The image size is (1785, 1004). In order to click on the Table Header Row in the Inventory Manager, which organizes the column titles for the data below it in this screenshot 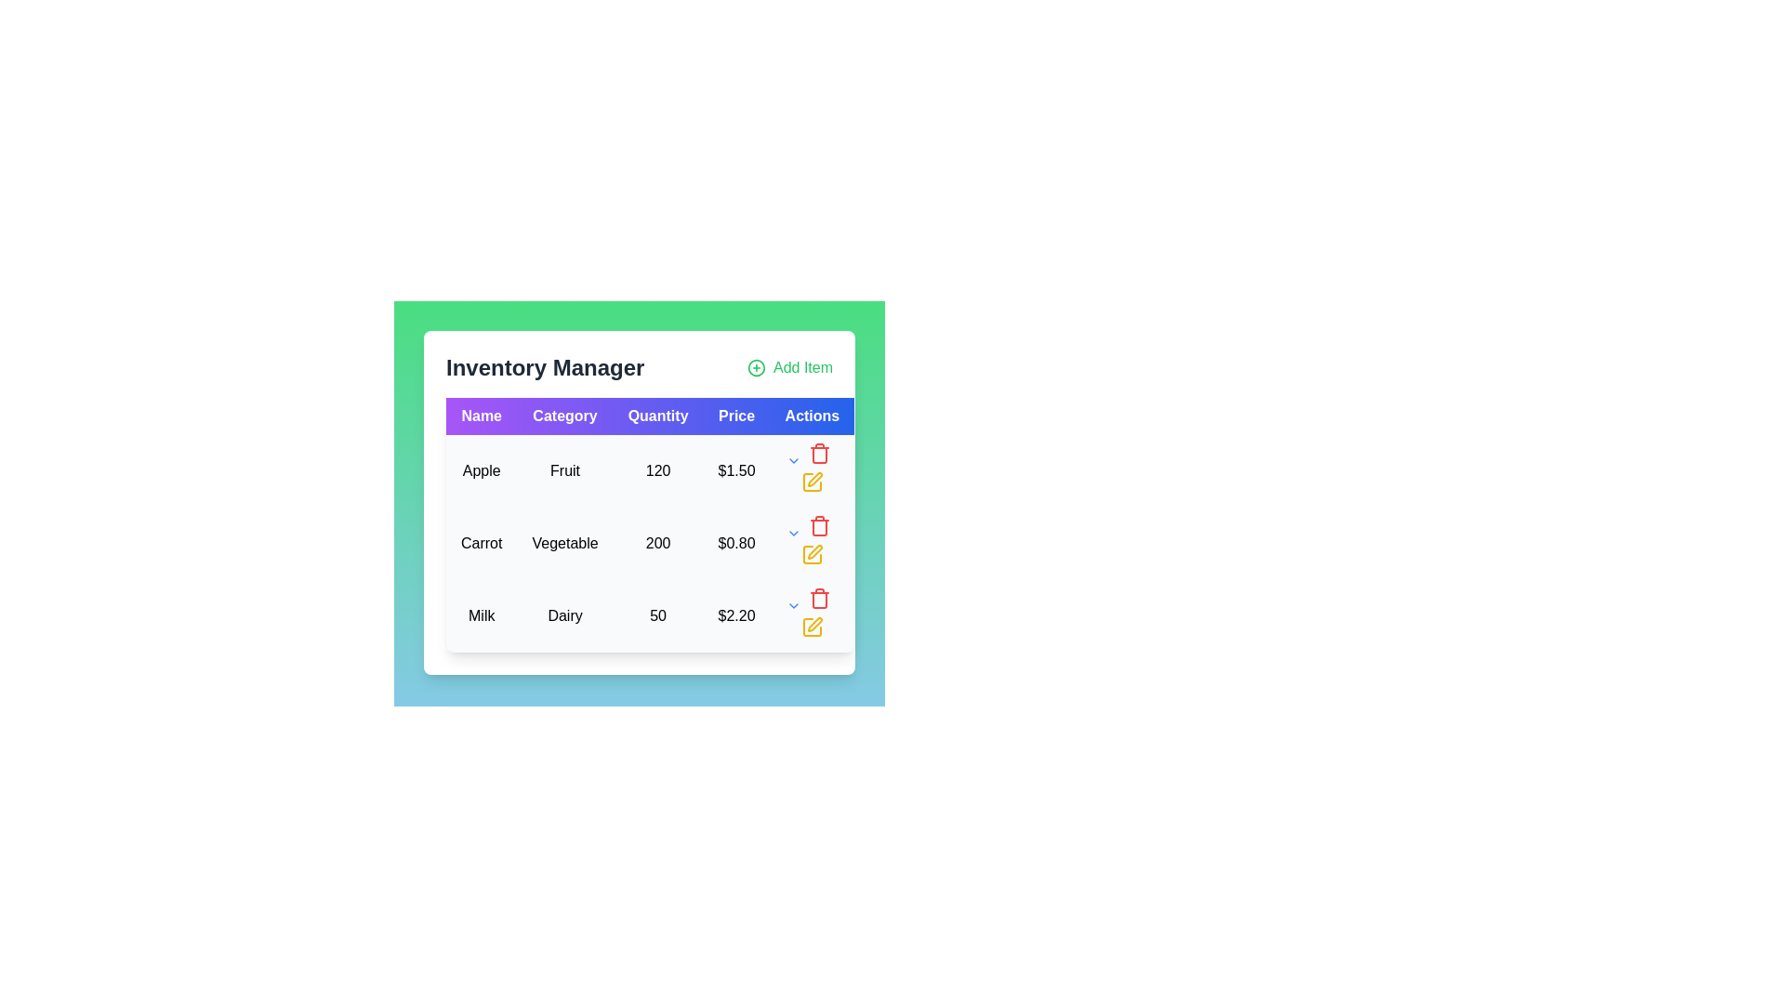, I will do `click(650, 415)`.